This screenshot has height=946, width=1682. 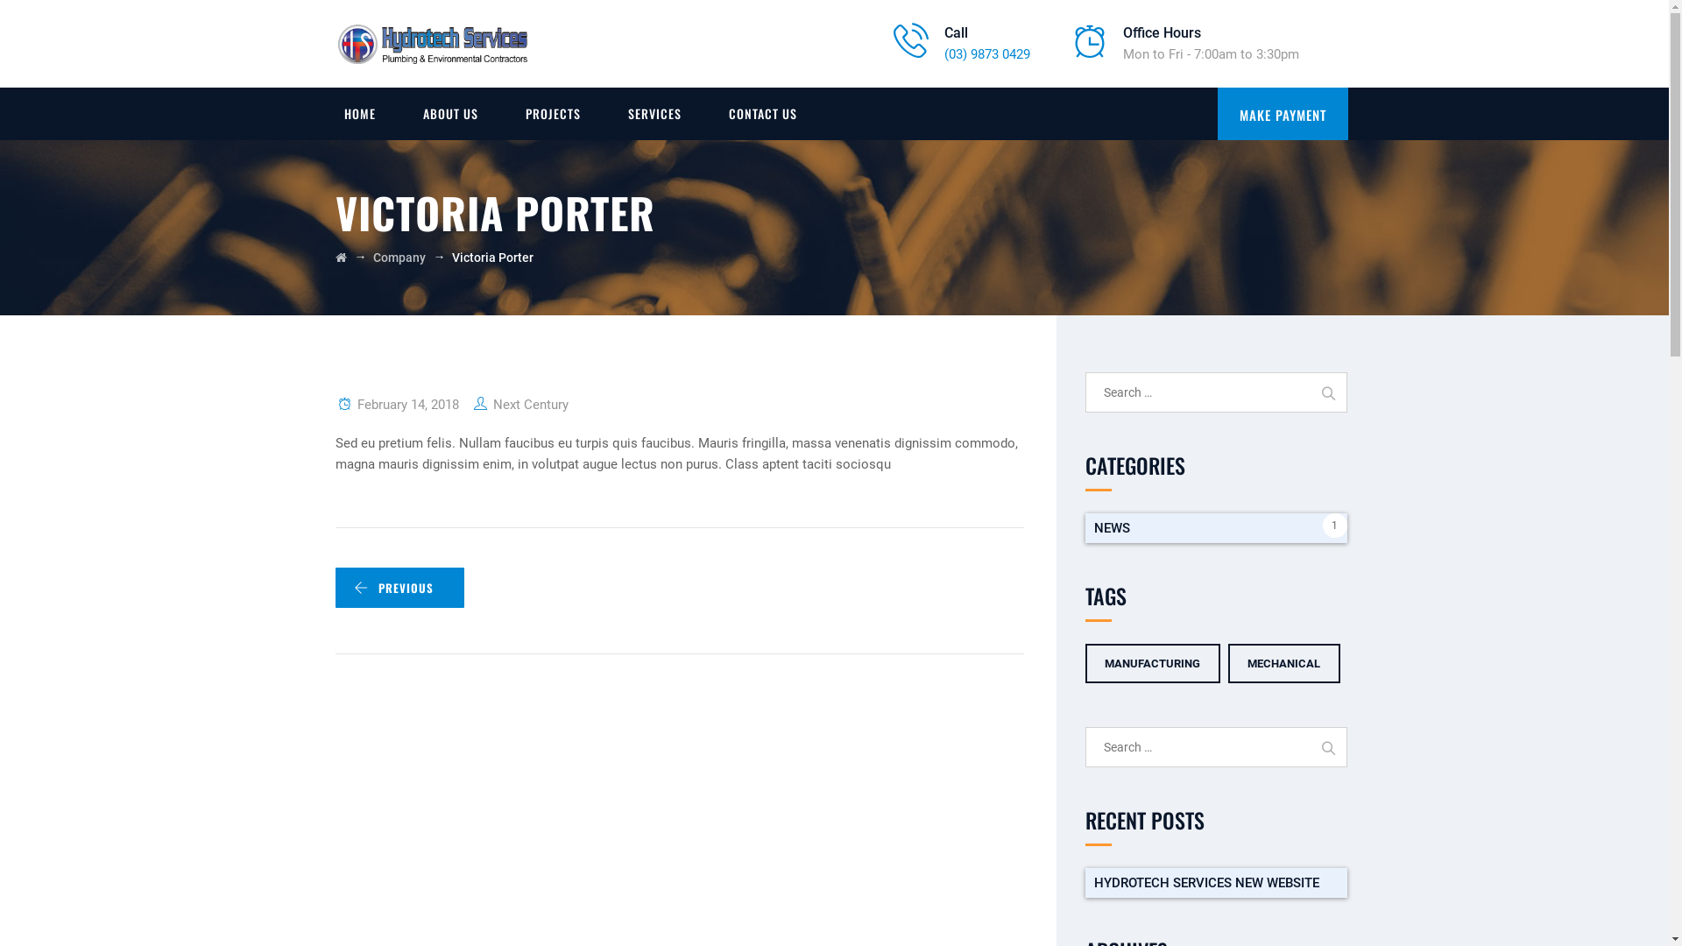 I want to click on 'Search', so click(x=1327, y=746).